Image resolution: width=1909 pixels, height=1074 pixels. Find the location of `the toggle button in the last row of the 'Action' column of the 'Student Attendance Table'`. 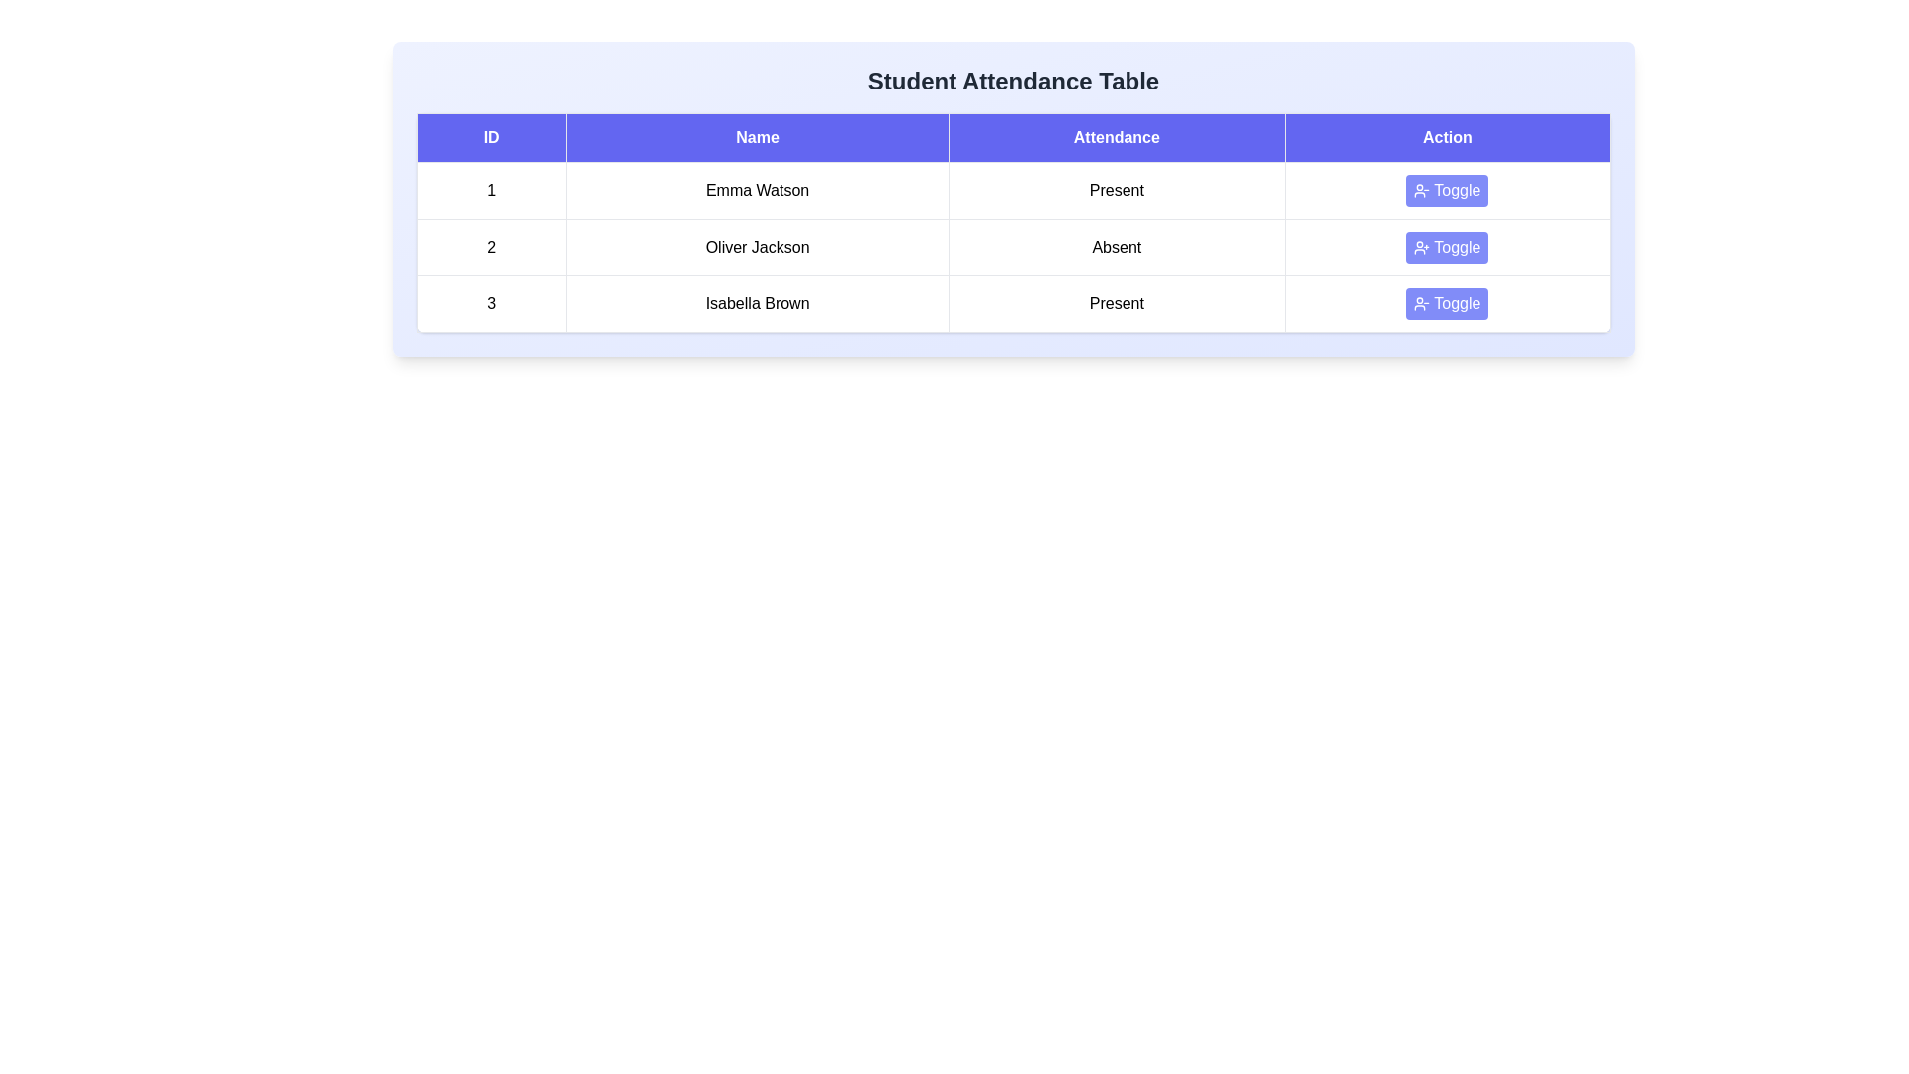

the toggle button in the last row of the 'Action' column of the 'Student Attendance Table' is located at coordinates (1447, 303).